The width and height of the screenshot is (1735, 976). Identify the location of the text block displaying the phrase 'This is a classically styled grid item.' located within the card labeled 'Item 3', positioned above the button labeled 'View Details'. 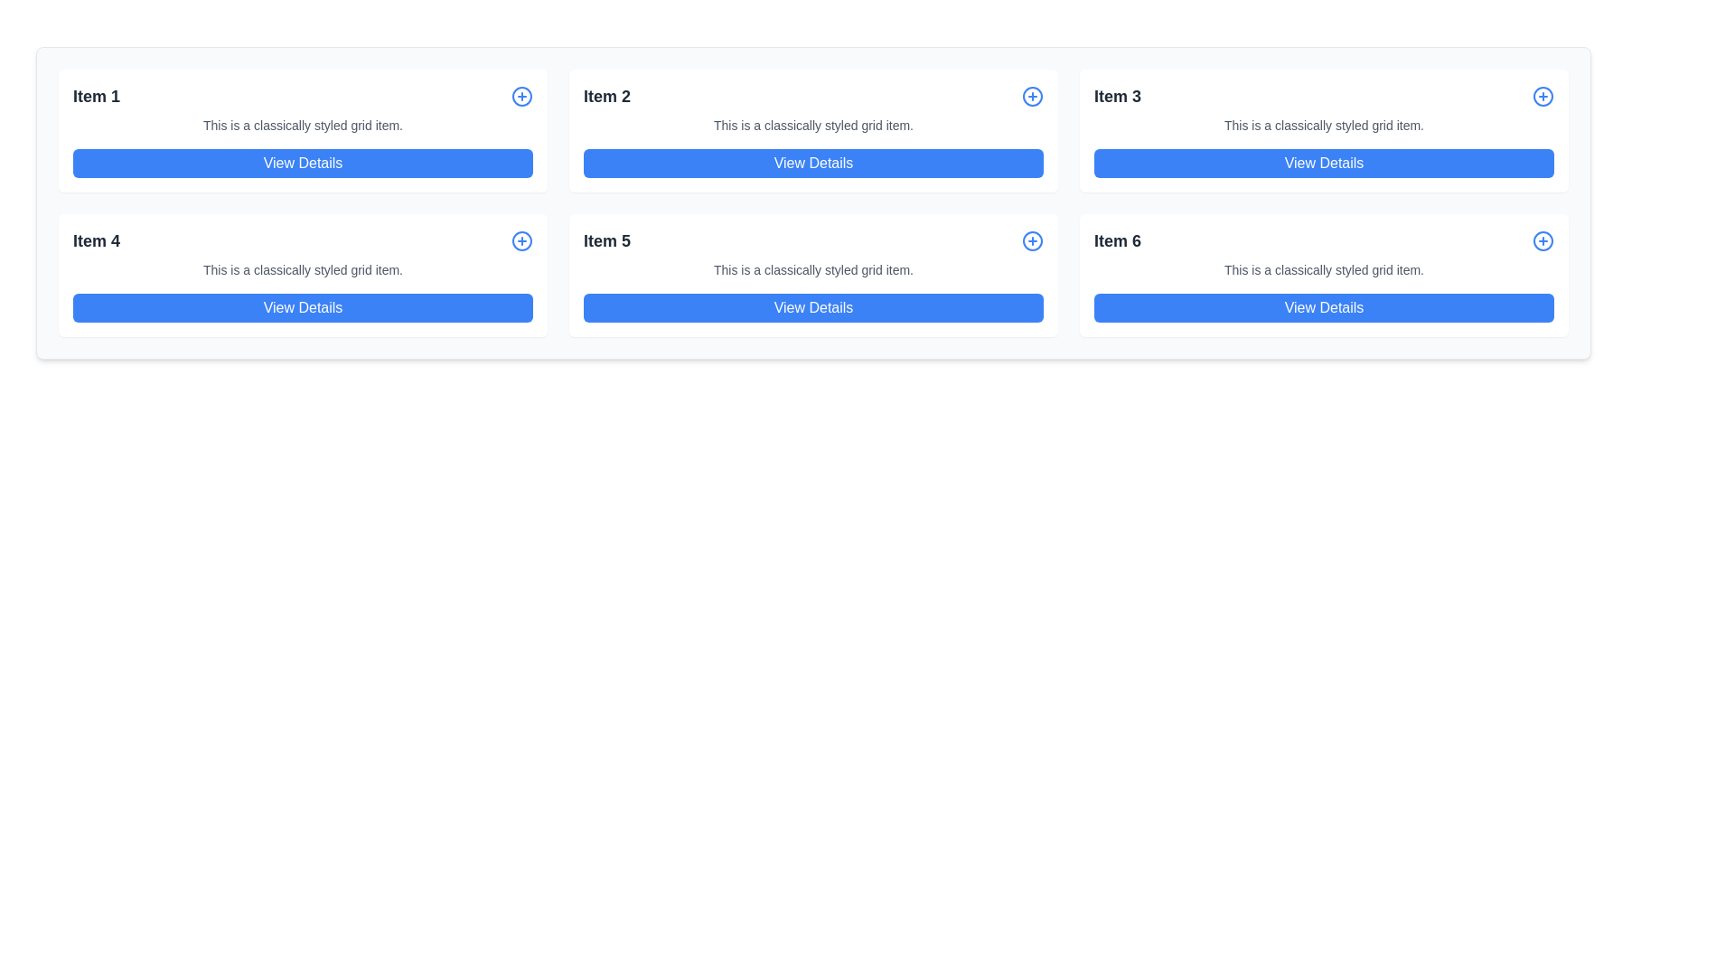
(1324, 124).